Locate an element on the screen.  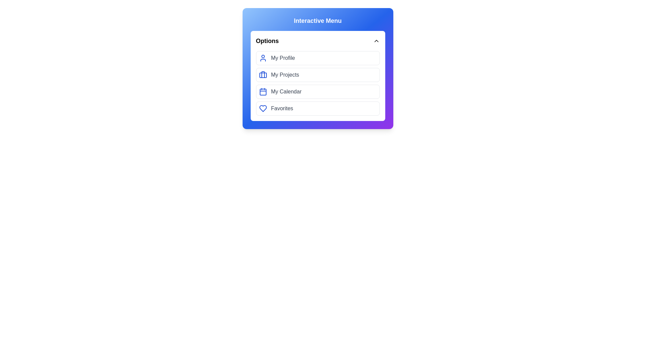
the 'Favorites' text label is located at coordinates (282, 108).